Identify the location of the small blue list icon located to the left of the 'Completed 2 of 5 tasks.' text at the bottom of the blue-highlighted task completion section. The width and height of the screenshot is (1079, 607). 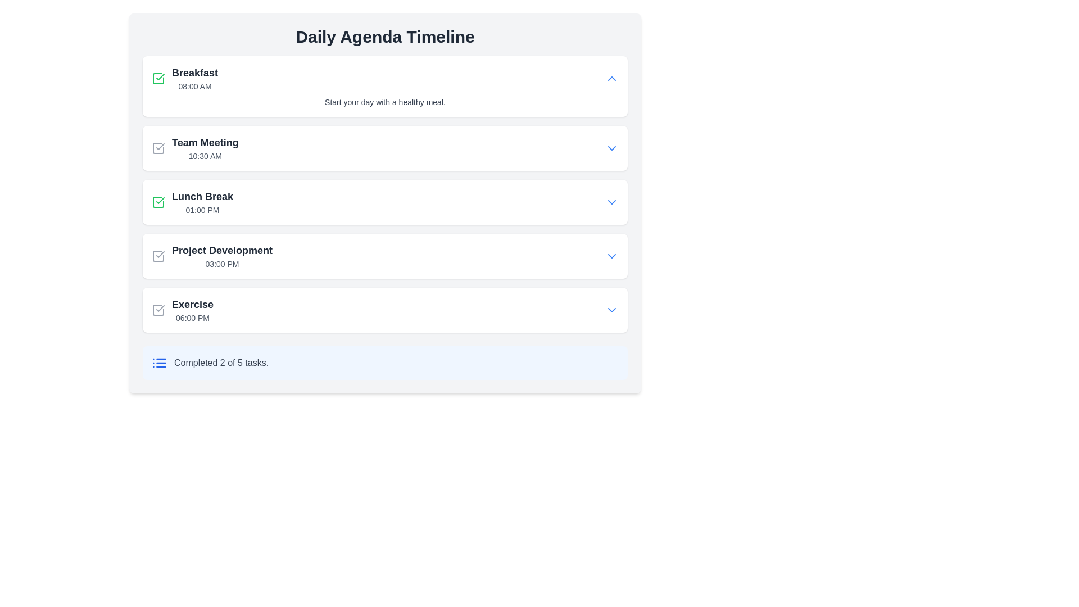
(158, 363).